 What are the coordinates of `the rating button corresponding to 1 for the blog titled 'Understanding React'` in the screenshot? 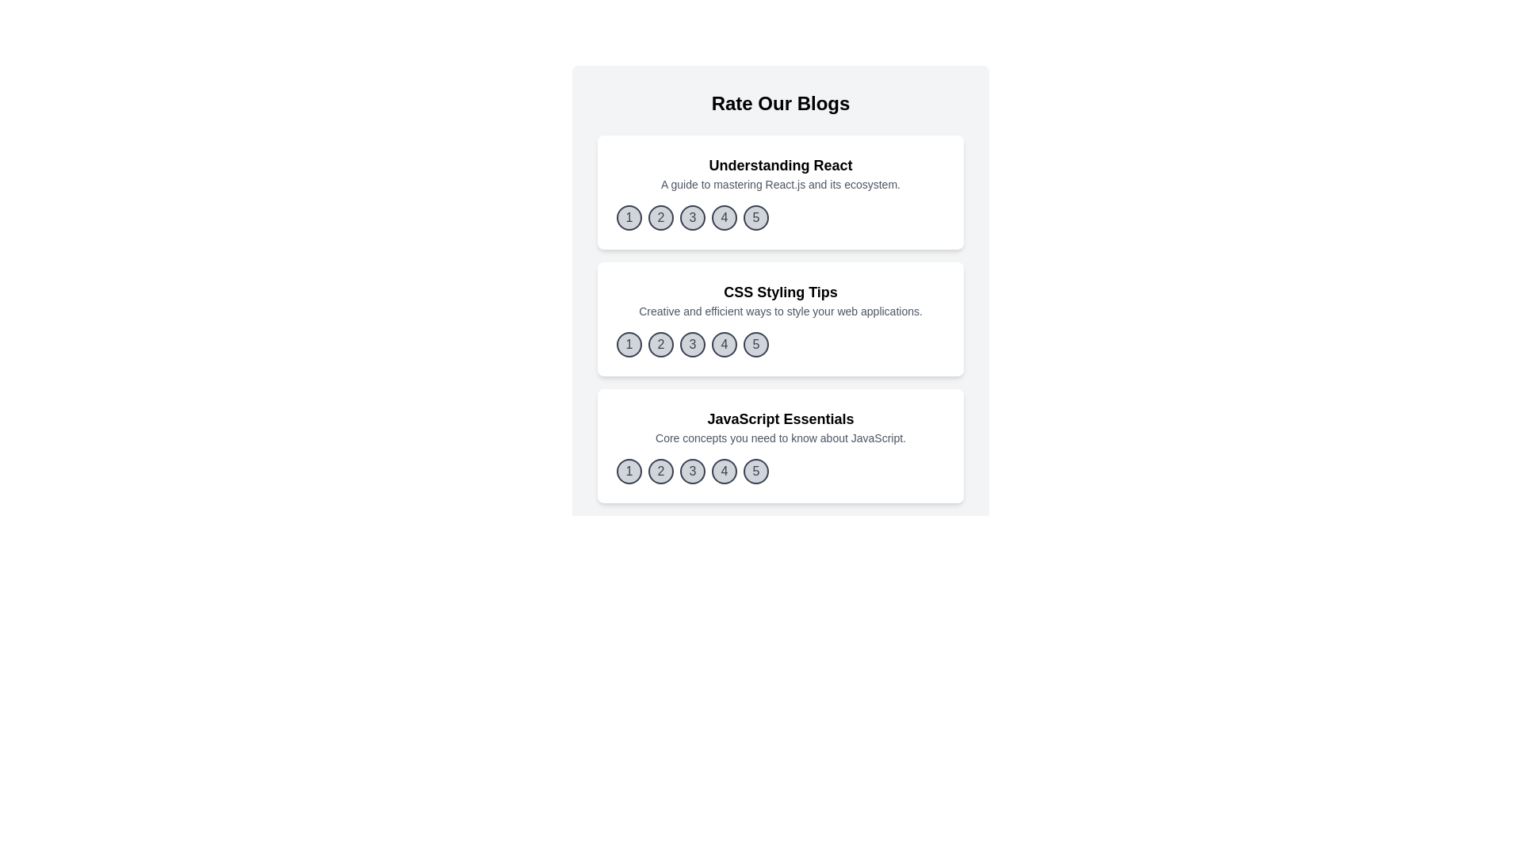 It's located at (628, 217).